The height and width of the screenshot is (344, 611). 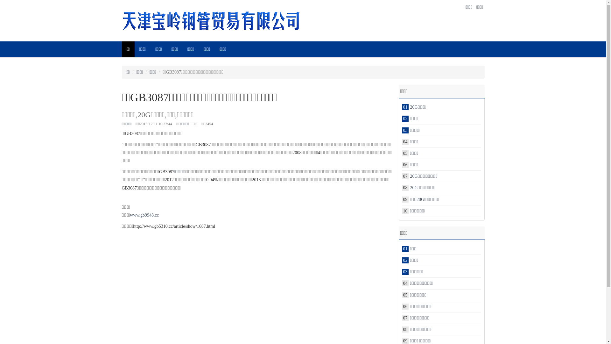 What do you see at coordinates (144, 215) in the screenshot?
I see `'www.gb9948.cc'` at bounding box center [144, 215].